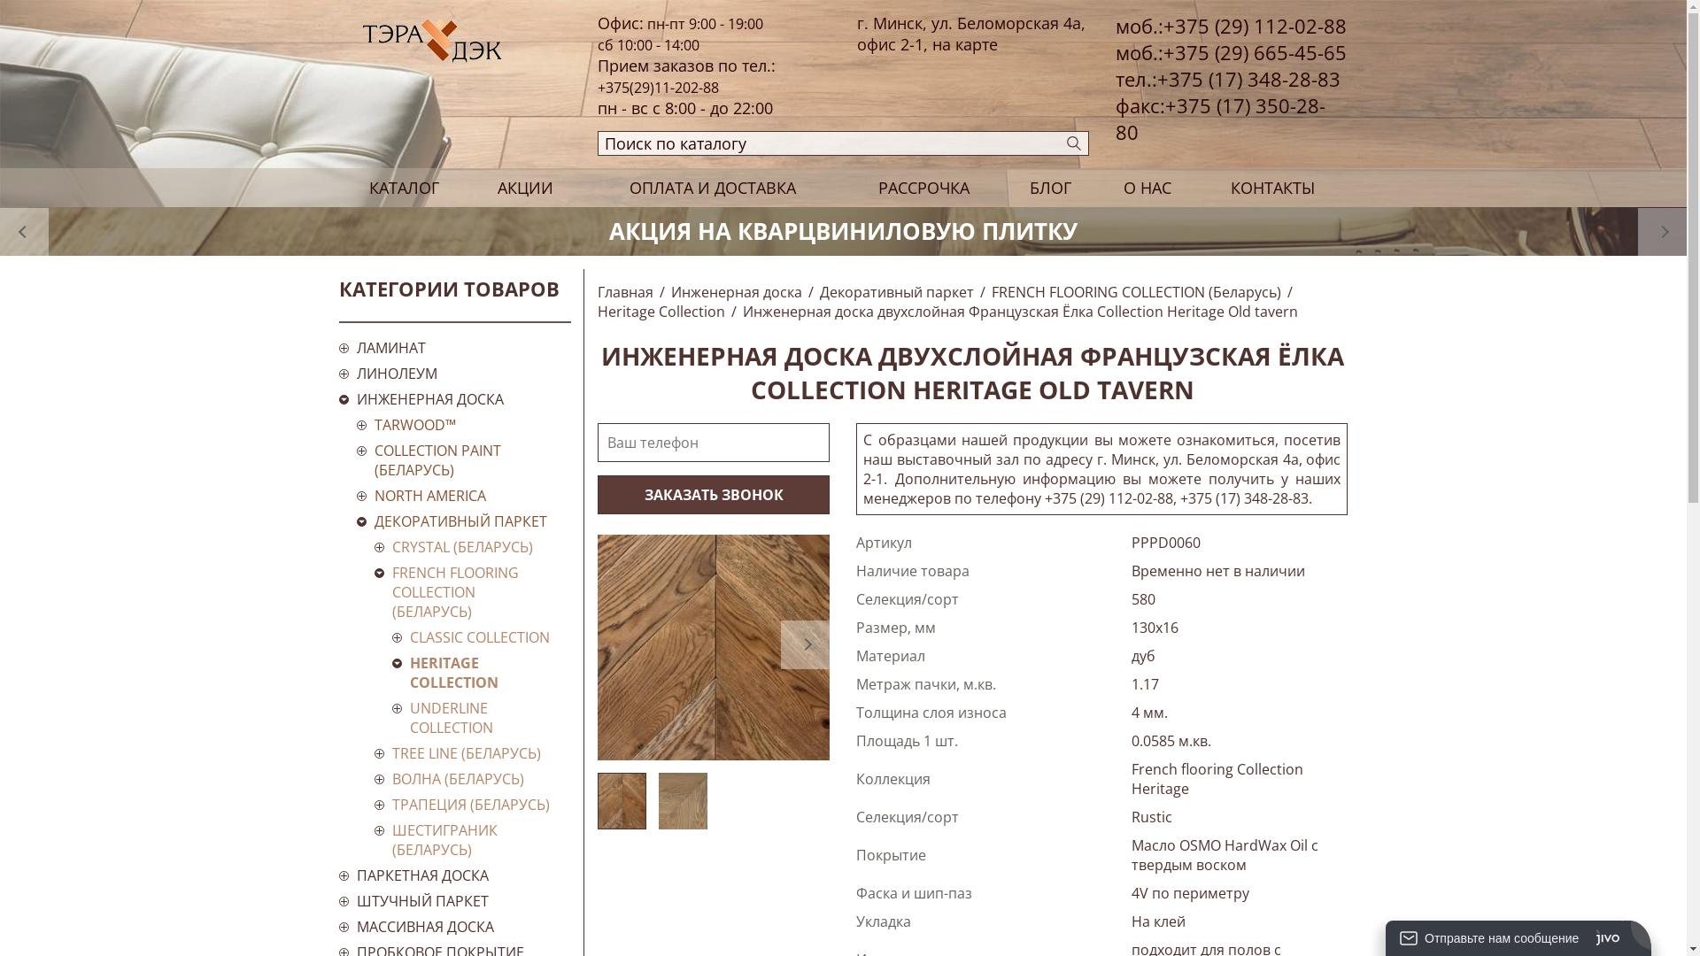  I want to click on 'Prev', so click(24, 230).